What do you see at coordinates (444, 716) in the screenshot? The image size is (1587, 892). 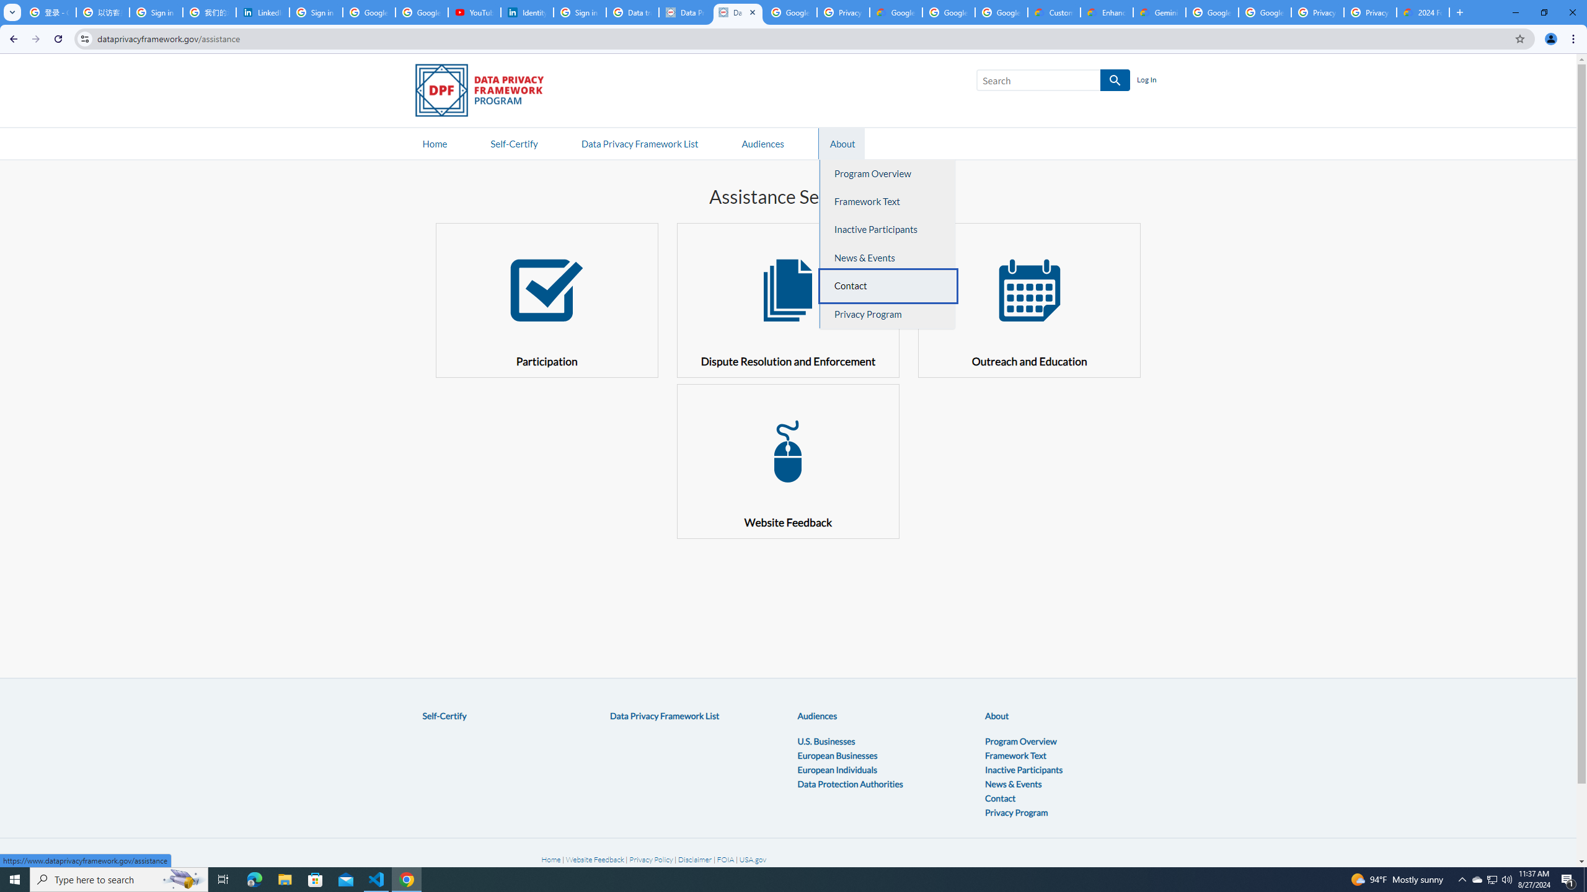 I see `'Self-Certify'` at bounding box center [444, 716].